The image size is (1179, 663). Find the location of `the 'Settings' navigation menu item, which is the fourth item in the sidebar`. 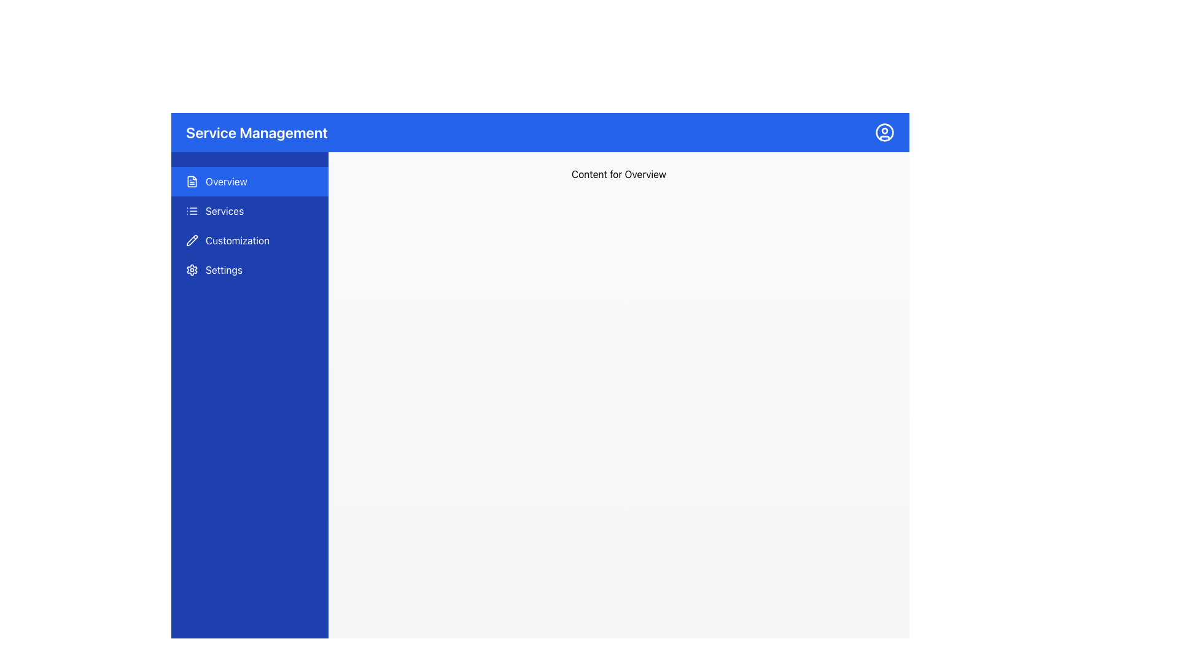

the 'Settings' navigation menu item, which is the fourth item in the sidebar is located at coordinates (249, 269).